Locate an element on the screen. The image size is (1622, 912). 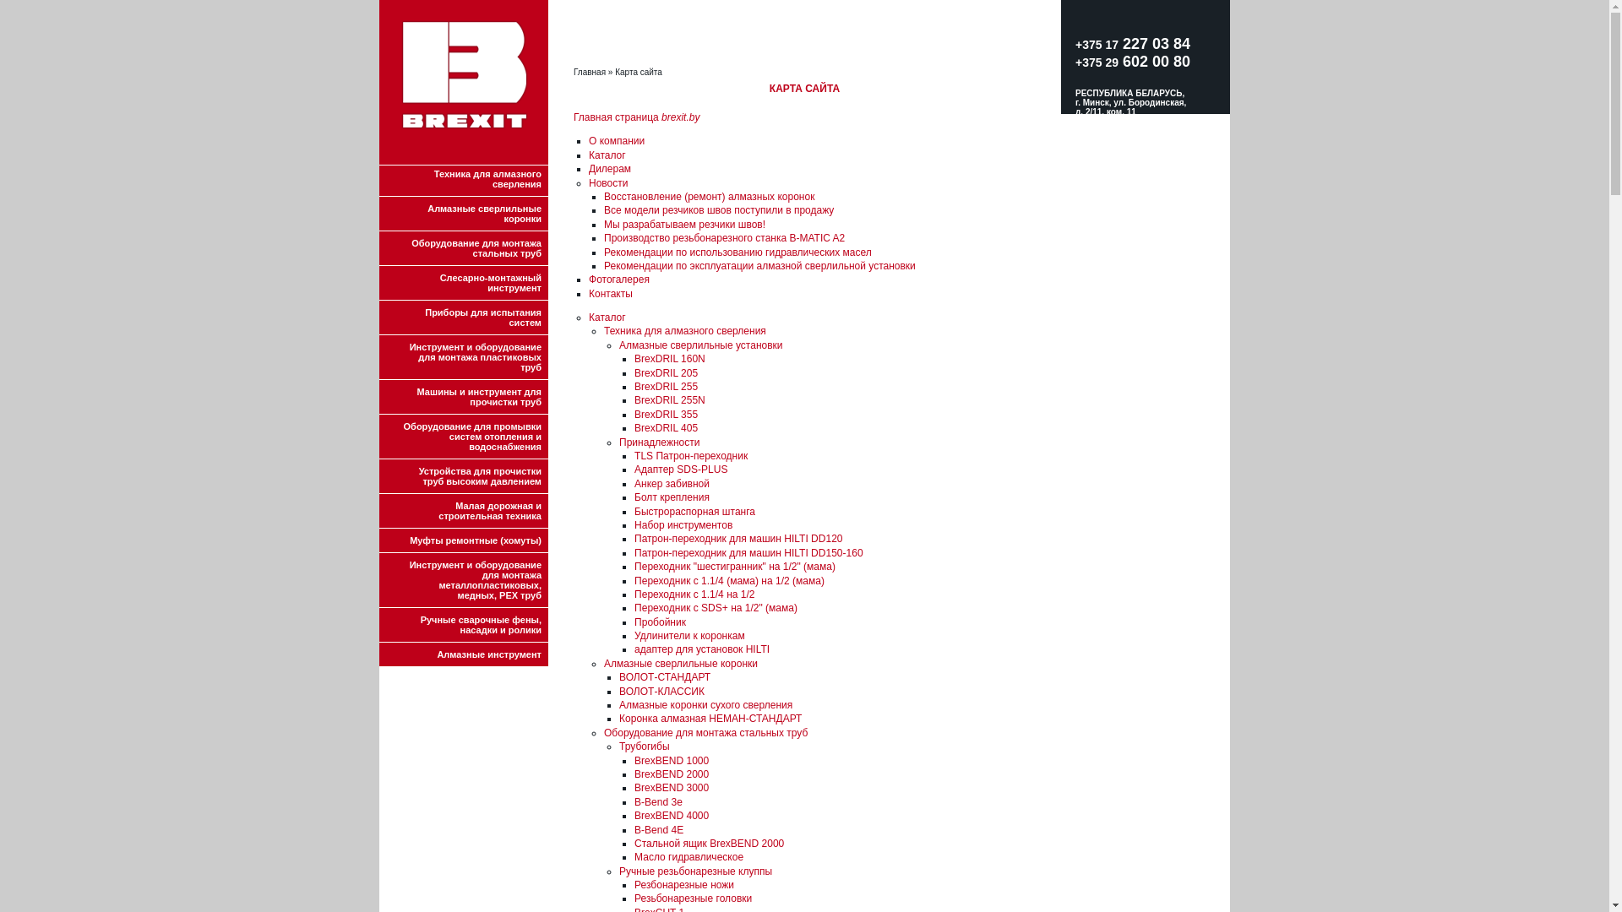
'+375 29 602 00 80' is located at coordinates (1132, 61).